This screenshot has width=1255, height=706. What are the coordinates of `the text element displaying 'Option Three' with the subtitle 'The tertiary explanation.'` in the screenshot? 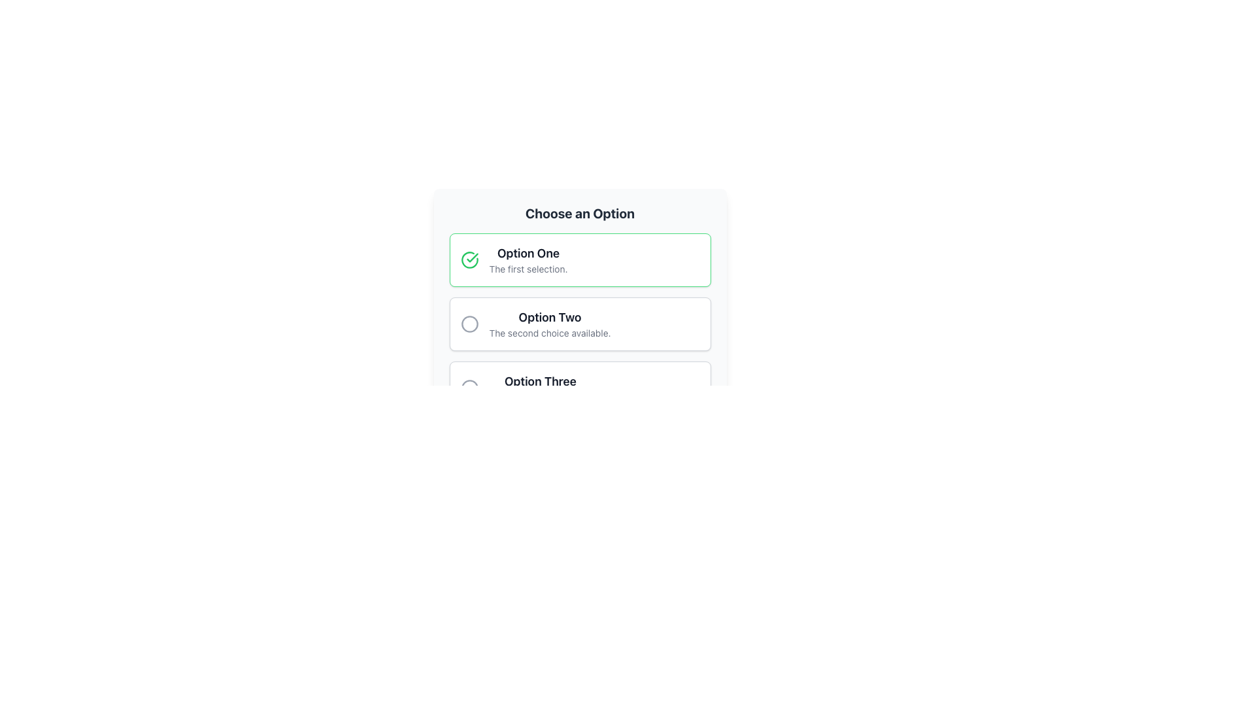 It's located at (540, 388).